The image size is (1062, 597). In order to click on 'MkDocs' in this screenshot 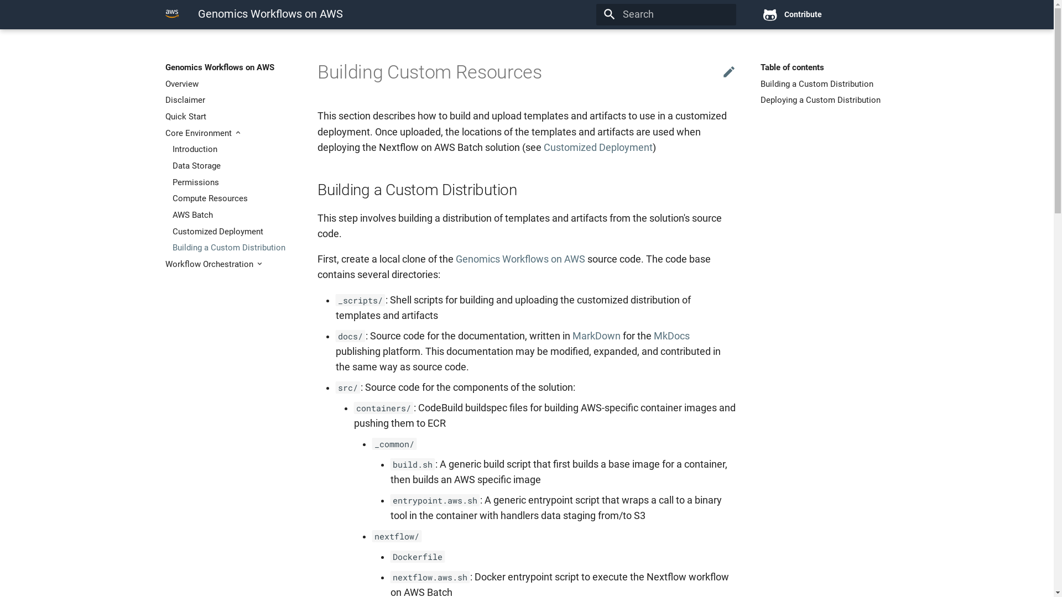, I will do `click(671, 336)`.